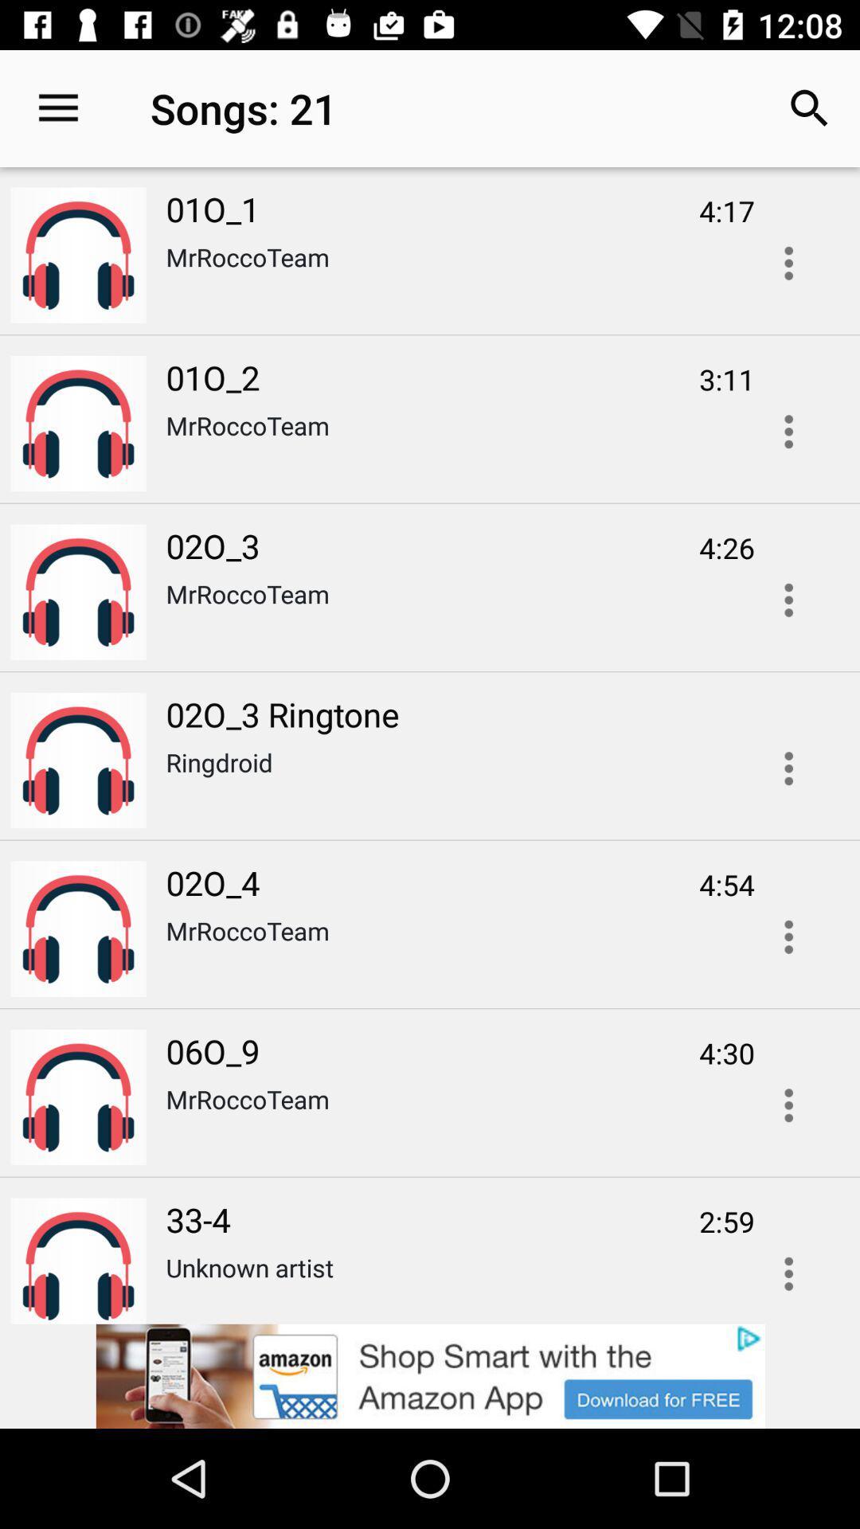 This screenshot has width=860, height=1529. Describe the element at coordinates (430, 1375) in the screenshot. I see `advertisement click` at that location.